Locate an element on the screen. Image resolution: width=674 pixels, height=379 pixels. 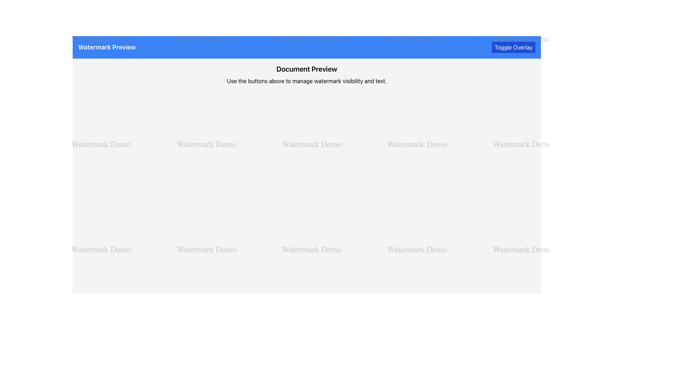
the static text label stating 'Use the buttons above to manage watermark visibility and text.' which is located below the 'Document Preview' title is located at coordinates (306, 81).